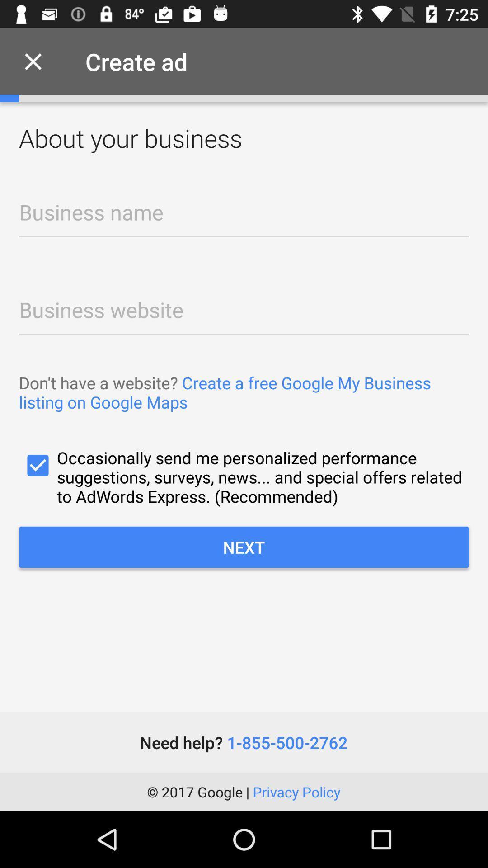  I want to click on the next, so click(244, 547).